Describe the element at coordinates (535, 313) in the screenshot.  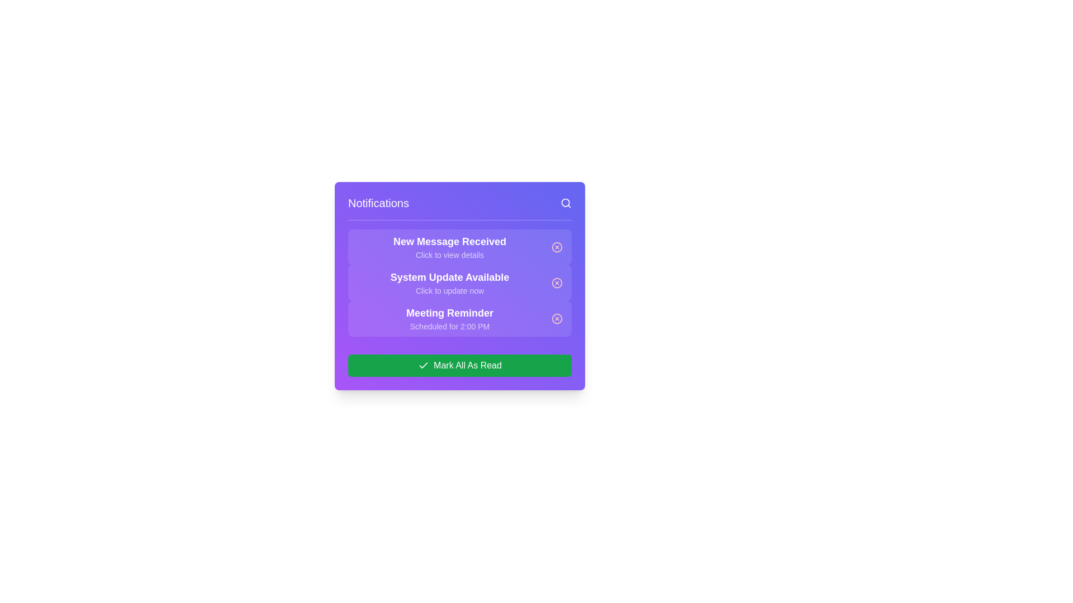
I see `the dismissal button associated with the 'Meeting Reminder' notification, which is the third item in the notifications list` at that location.